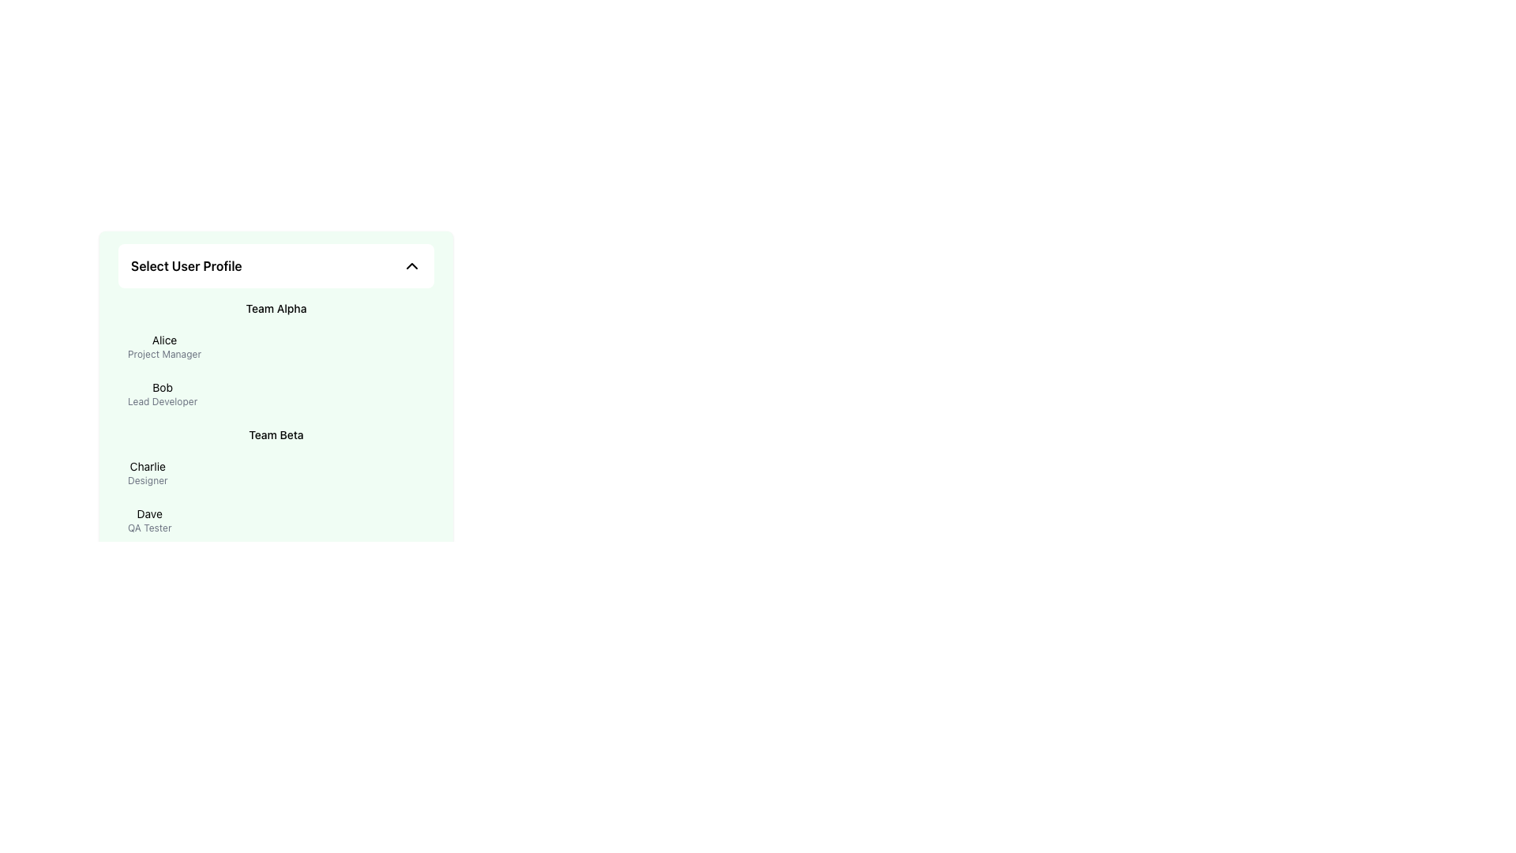 This screenshot has width=1516, height=853. I want to click on the combined text label displaying 'Charlie' in bold and 'Designer' in gray, so click(148, 472).